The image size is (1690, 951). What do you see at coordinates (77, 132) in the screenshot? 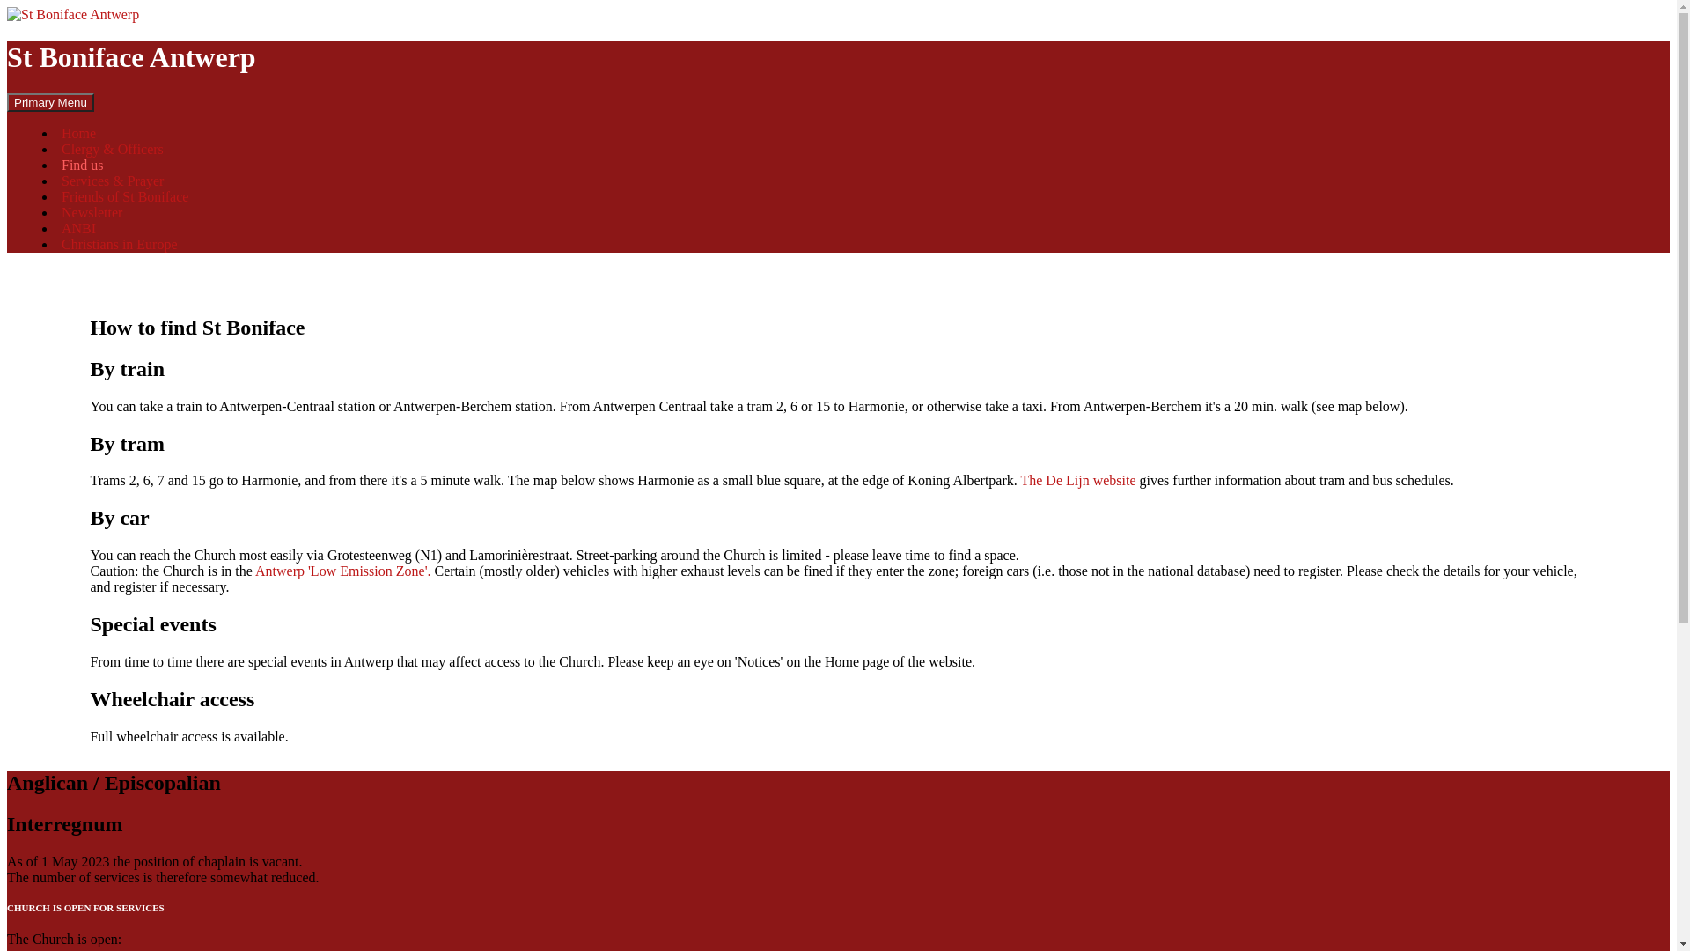
I see `'Home'` at bounding box center [77, 132].